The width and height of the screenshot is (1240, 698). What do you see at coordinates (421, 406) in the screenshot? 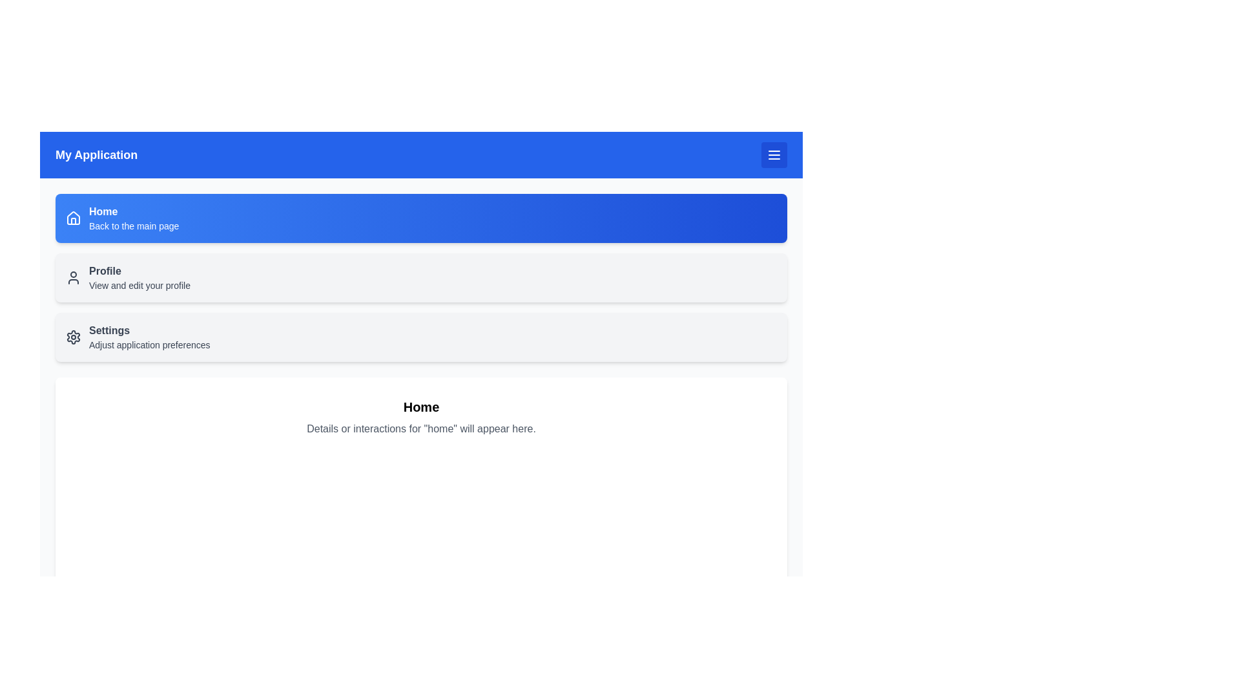
I see `the 'Home' heading text label, which is bold and enlarged, positioned at the top of a white box` at bounding box center [421, 406].